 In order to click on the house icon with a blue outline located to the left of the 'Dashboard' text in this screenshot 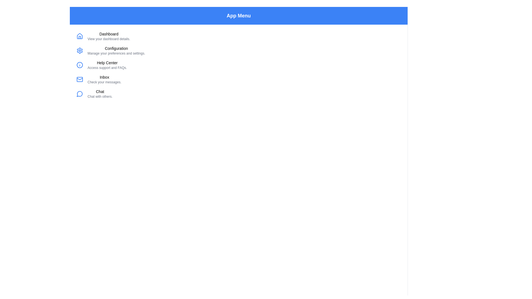, I will do `click(80, 36)`.